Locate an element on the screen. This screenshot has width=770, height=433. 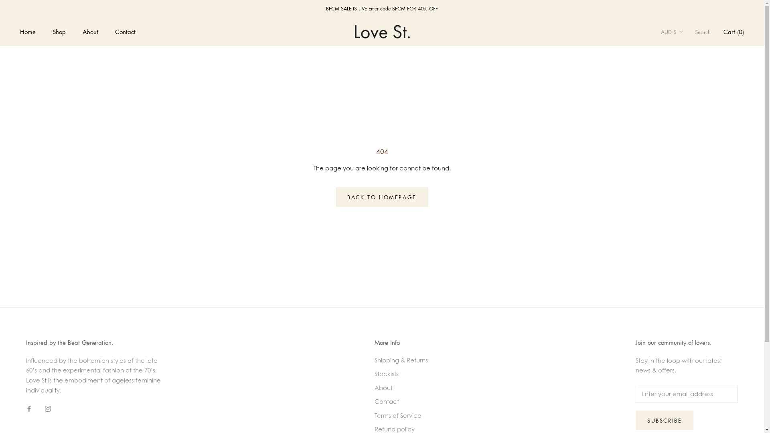
'CDF' is located at coordinates (685, 289).